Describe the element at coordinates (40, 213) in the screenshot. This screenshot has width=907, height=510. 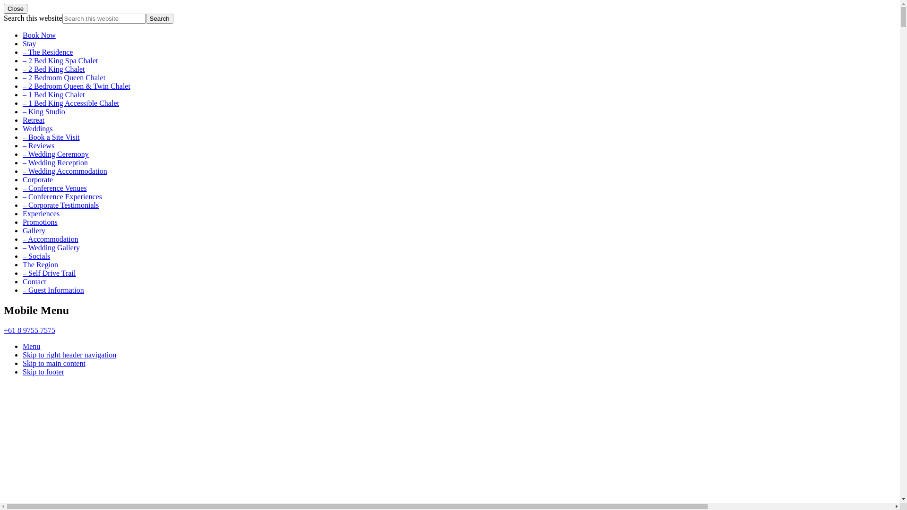
I see `'Experiences'` at that location.